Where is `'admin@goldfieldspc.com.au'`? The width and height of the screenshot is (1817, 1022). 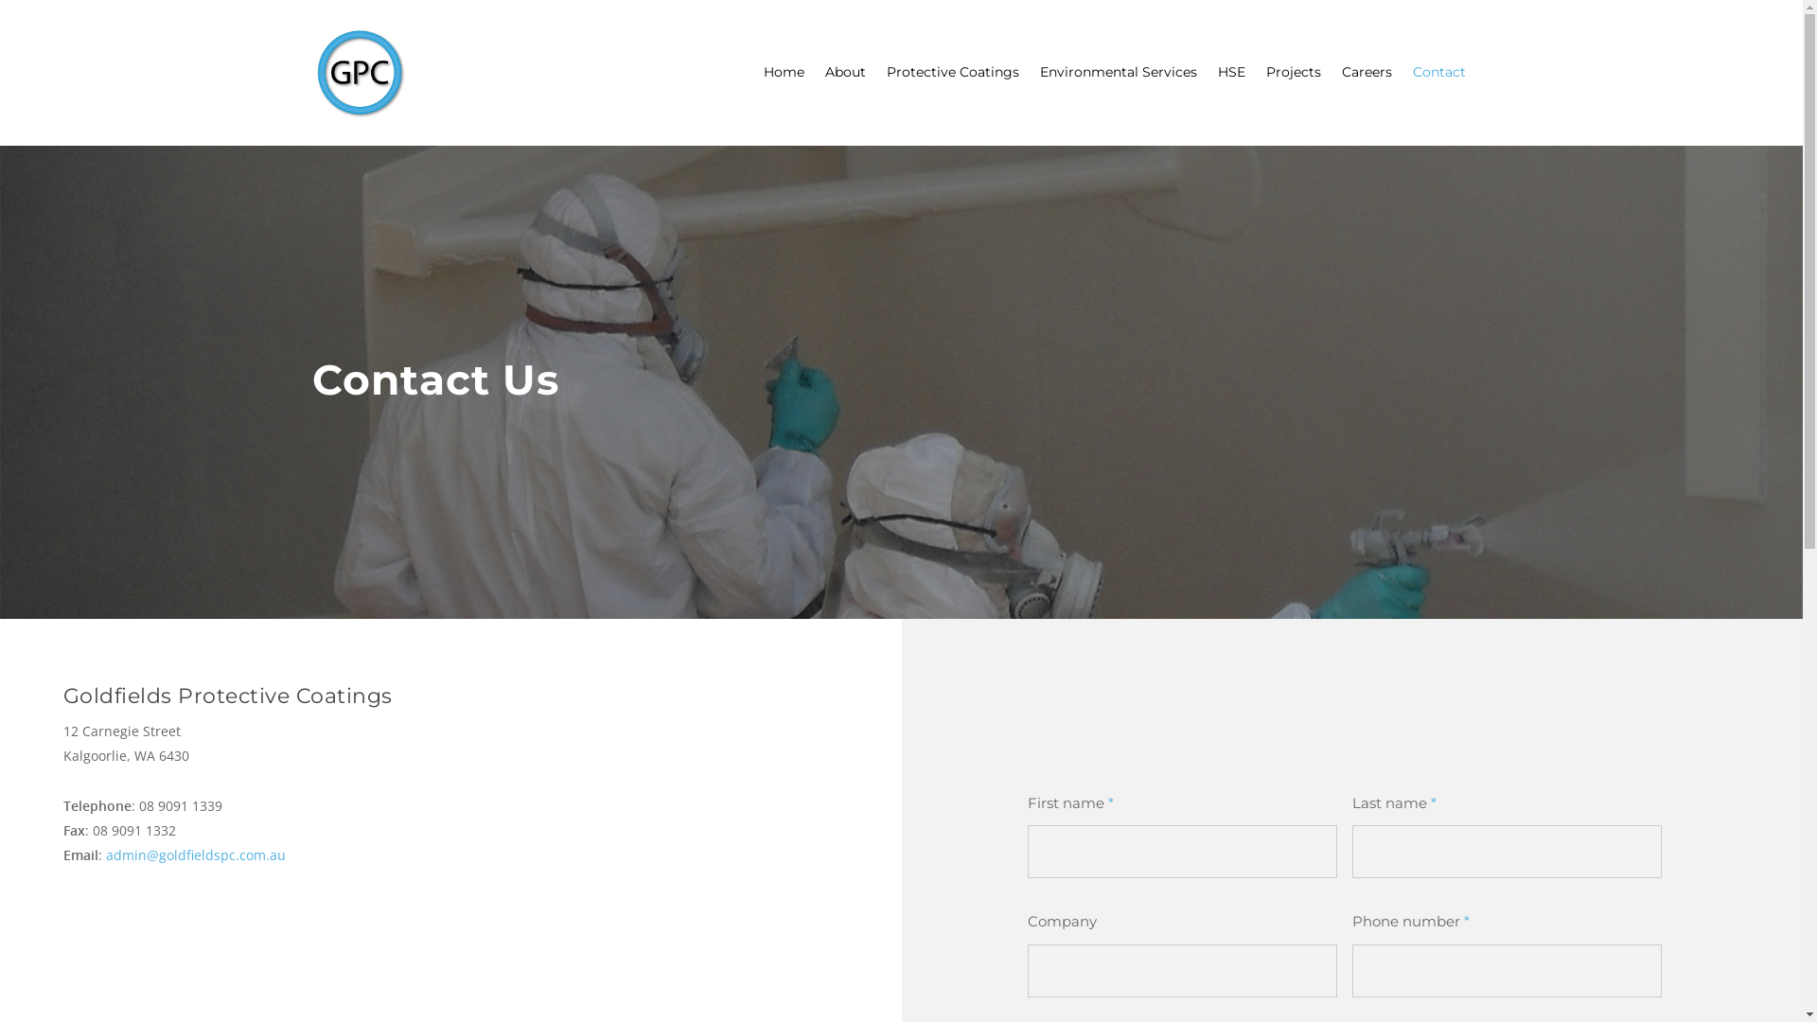
'admin@goldfieldspc.com.au' is located at coordinates (104, 855).